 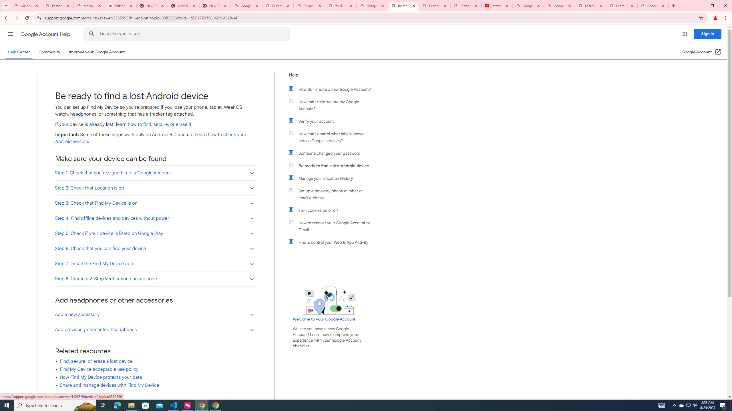 I want to click on 'Address and search bar', so click(x=370, y=17).